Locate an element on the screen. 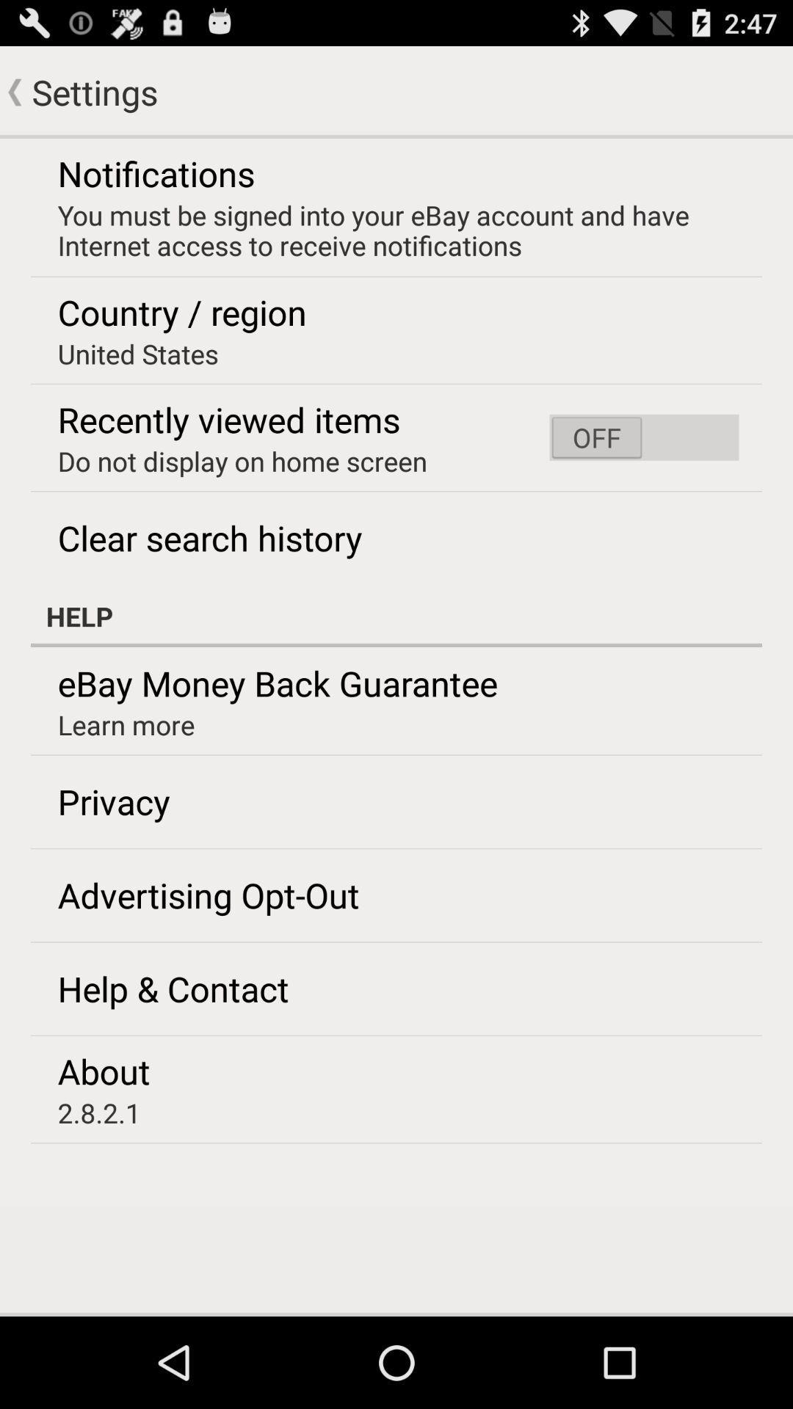  the icon to the right of do not display app is located at coordinates (643, 437).